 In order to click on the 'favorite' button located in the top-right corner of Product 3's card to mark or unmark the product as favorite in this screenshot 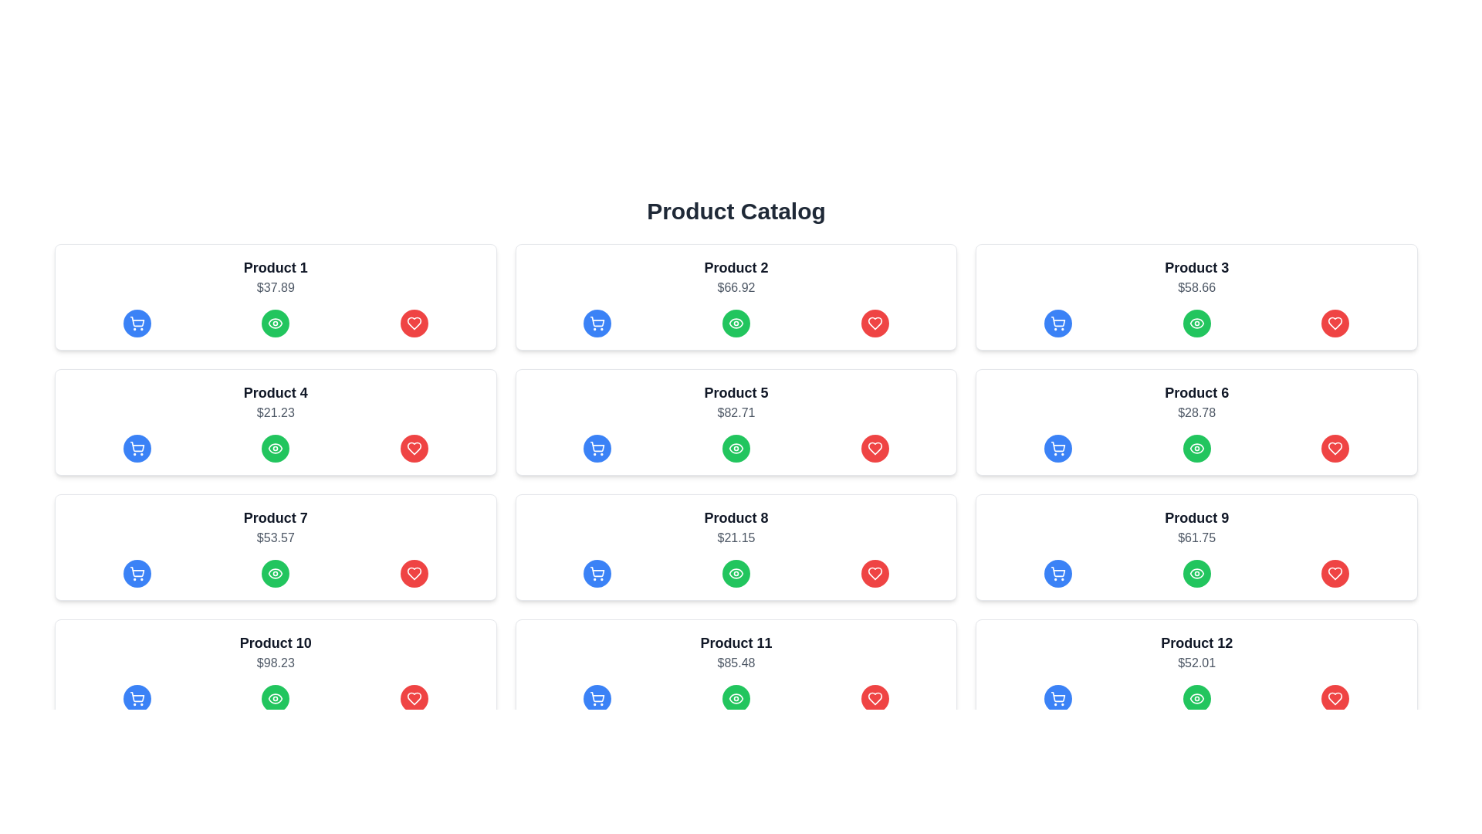, I will do `click(1334, 449)`.